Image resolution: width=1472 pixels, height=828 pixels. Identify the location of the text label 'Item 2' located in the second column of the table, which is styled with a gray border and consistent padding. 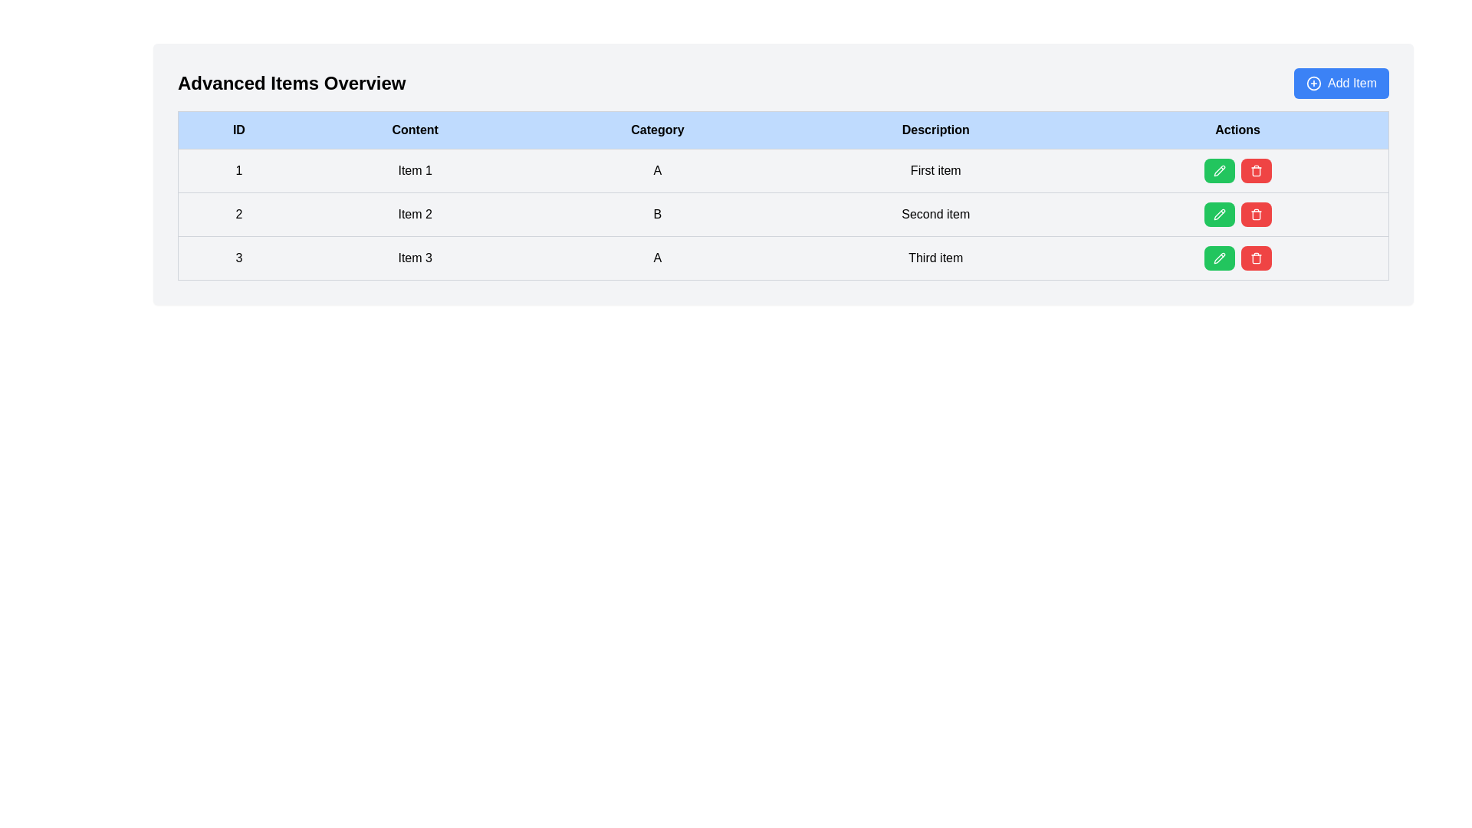
(415, 215).